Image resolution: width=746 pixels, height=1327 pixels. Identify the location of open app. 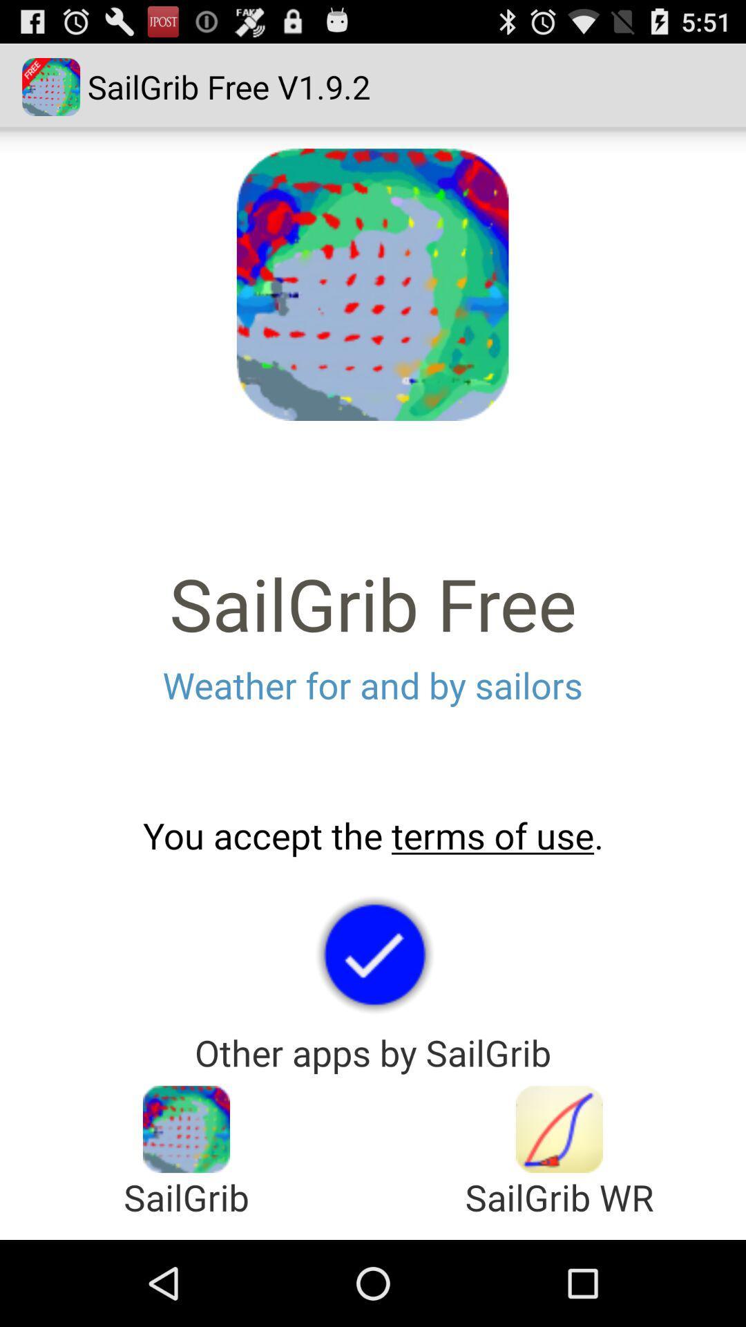
(186, 1129).